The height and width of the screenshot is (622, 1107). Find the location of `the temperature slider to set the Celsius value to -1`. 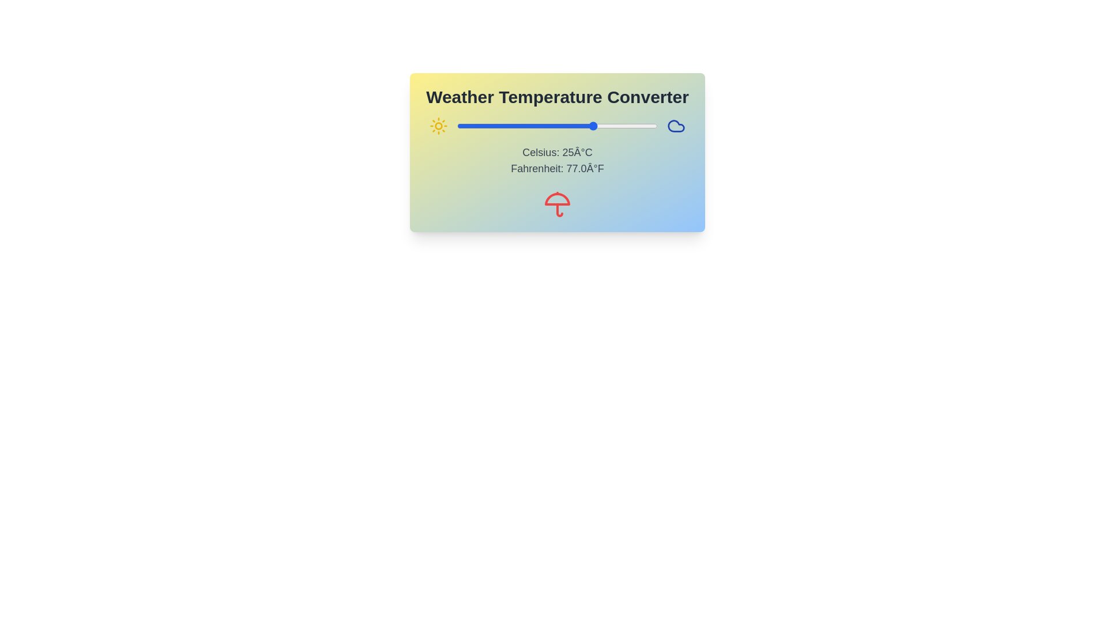

the temperature slider to set the Celsius value to -1 is located at coordinates (529, 126).